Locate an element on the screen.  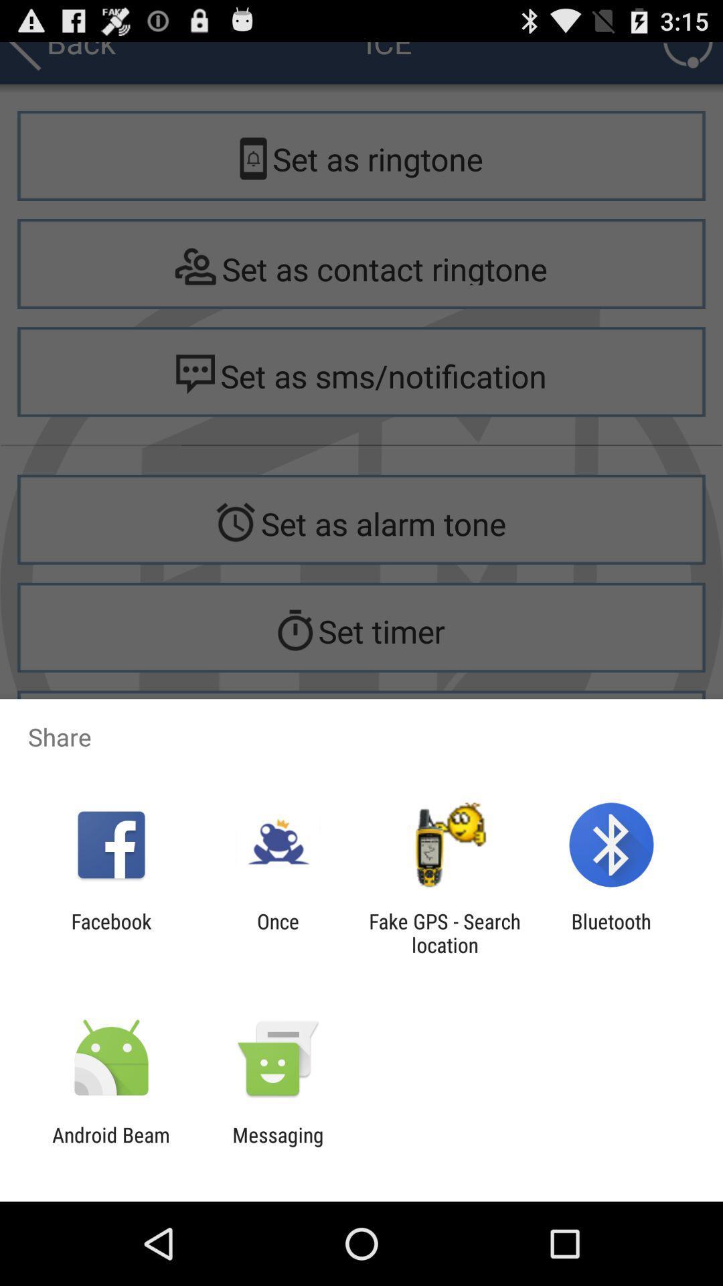
app next to the once app is located at coordinates (110, 932).